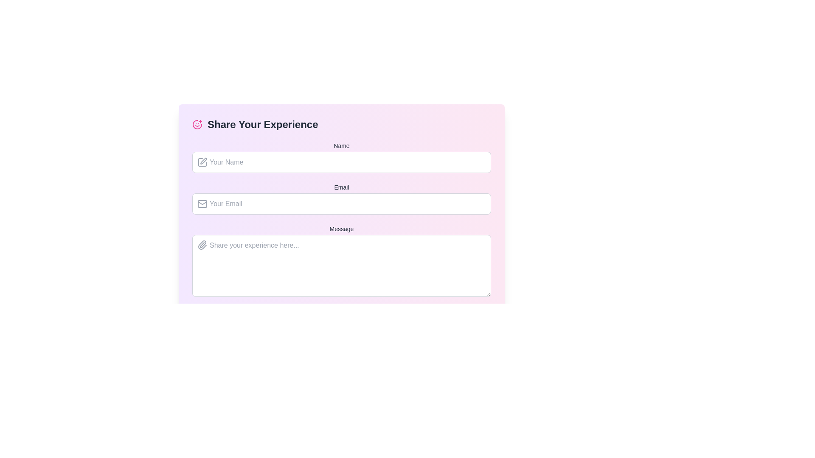  What do you see at coordinates (342, 229) in the screenshot?
I see `the 'Message' text label which is styled in a medium-sized, gray, bold sans-serif font, positioned above the multi-line text input field` at bounding box center [342, 229].